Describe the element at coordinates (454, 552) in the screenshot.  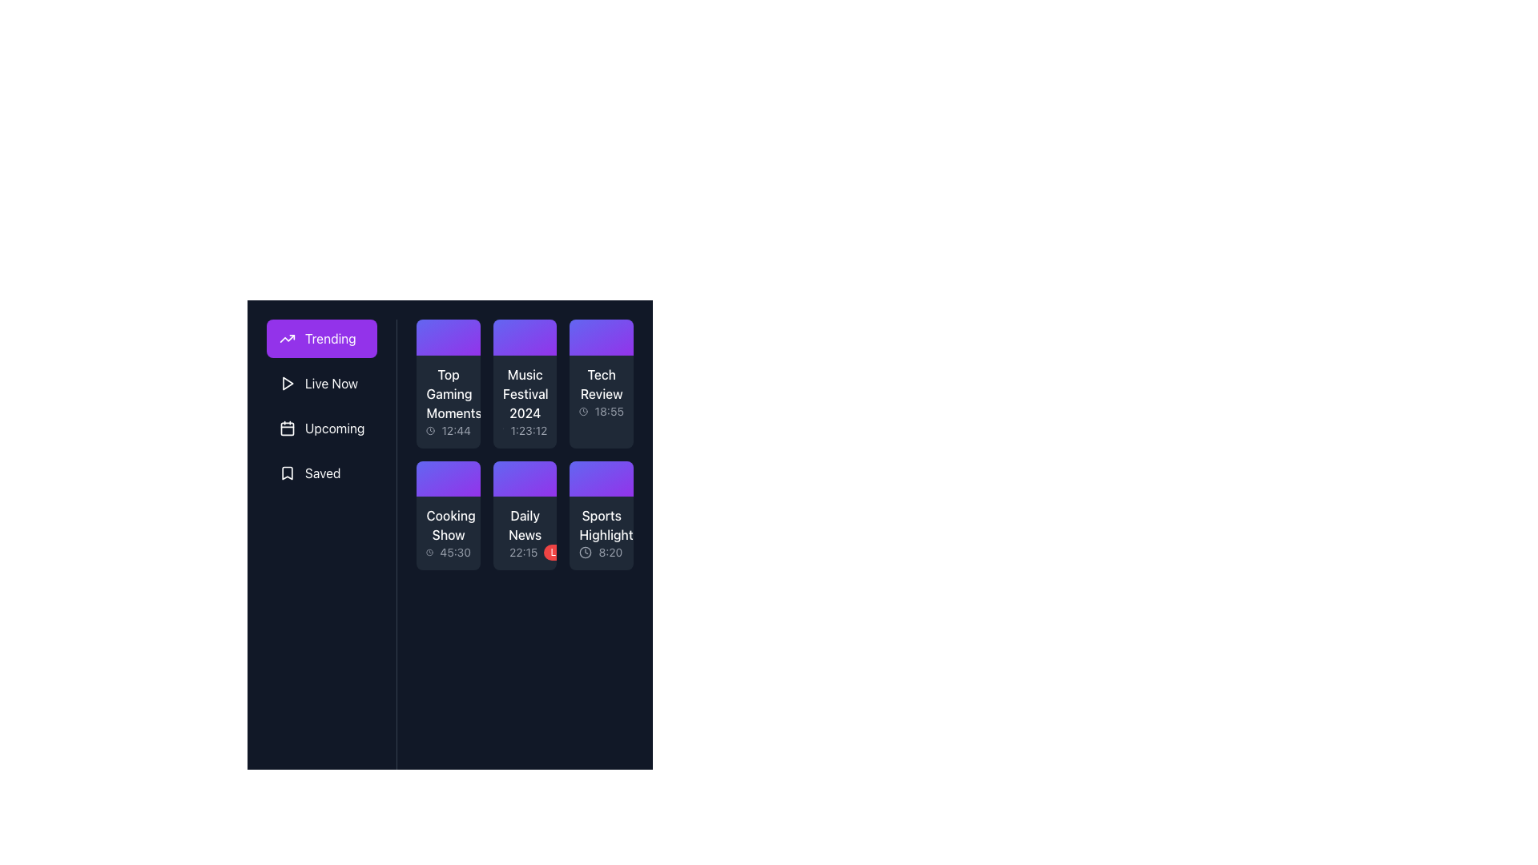
I see `time displayed on the label showing '45:30', which is styled with light gray text on a dark gray background, located within the 'Cooking Show' card` at that location.